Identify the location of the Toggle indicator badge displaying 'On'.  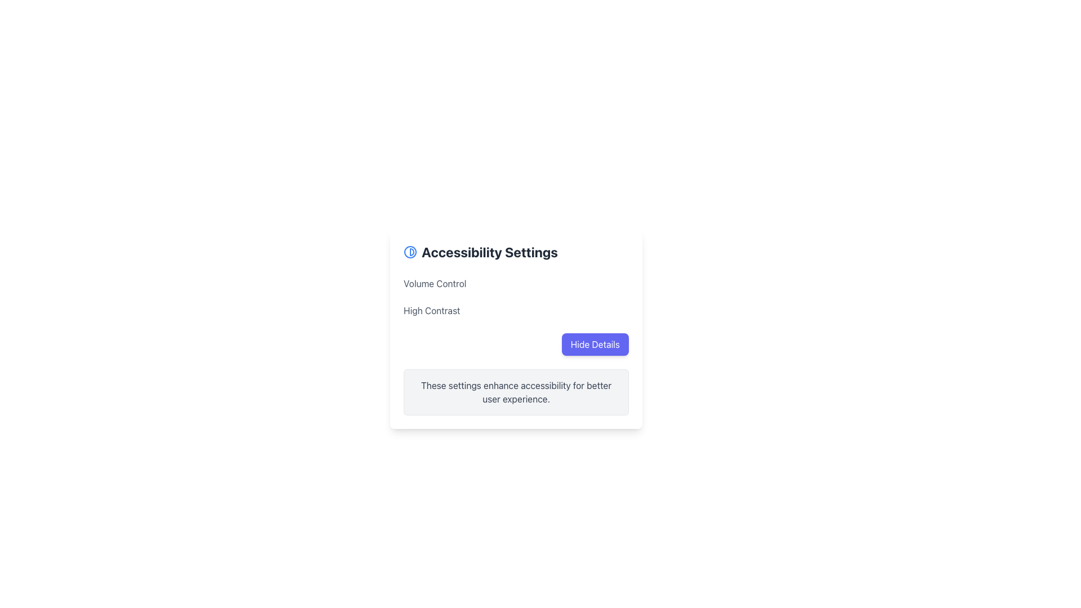
(609, 283).